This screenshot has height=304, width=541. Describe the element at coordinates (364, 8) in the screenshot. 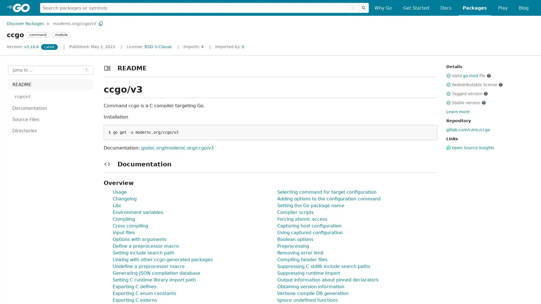

I see `Submit search` at that location.